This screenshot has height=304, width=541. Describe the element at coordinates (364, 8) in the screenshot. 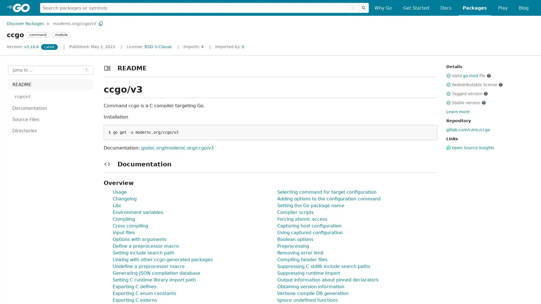

I see `Submit search` at that location.